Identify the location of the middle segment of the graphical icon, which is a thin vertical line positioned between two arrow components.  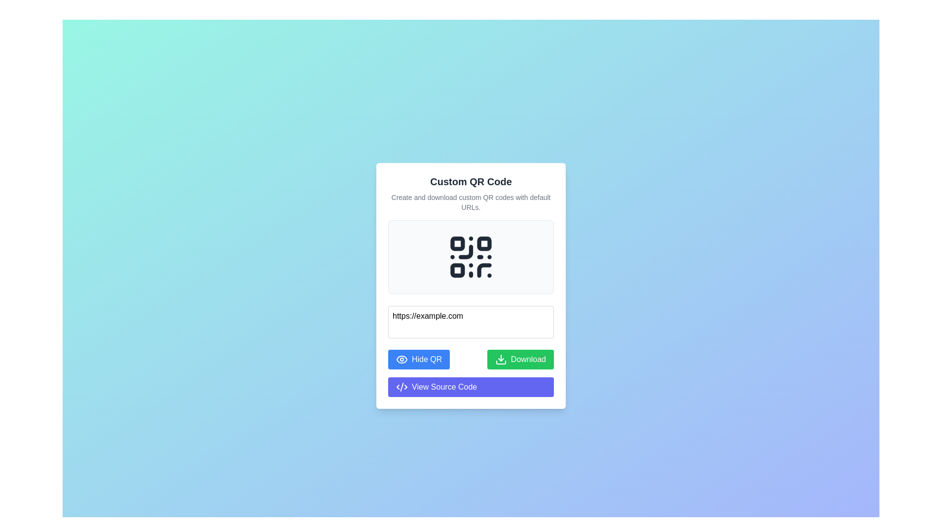
(402, 386).